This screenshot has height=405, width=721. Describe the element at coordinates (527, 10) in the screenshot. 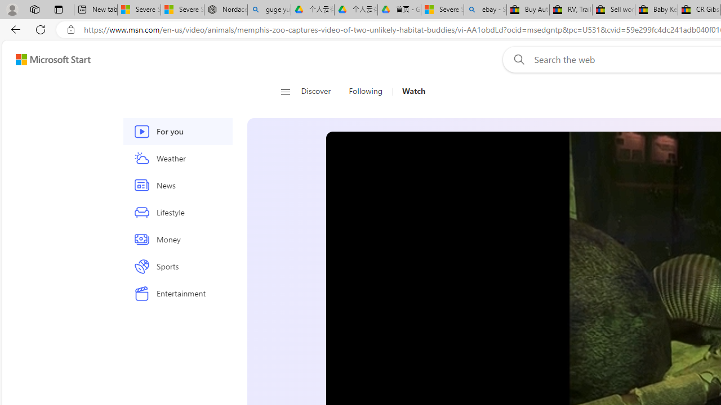

I see `'Buy Auto Parts & Accessories | eBay'` at that location.